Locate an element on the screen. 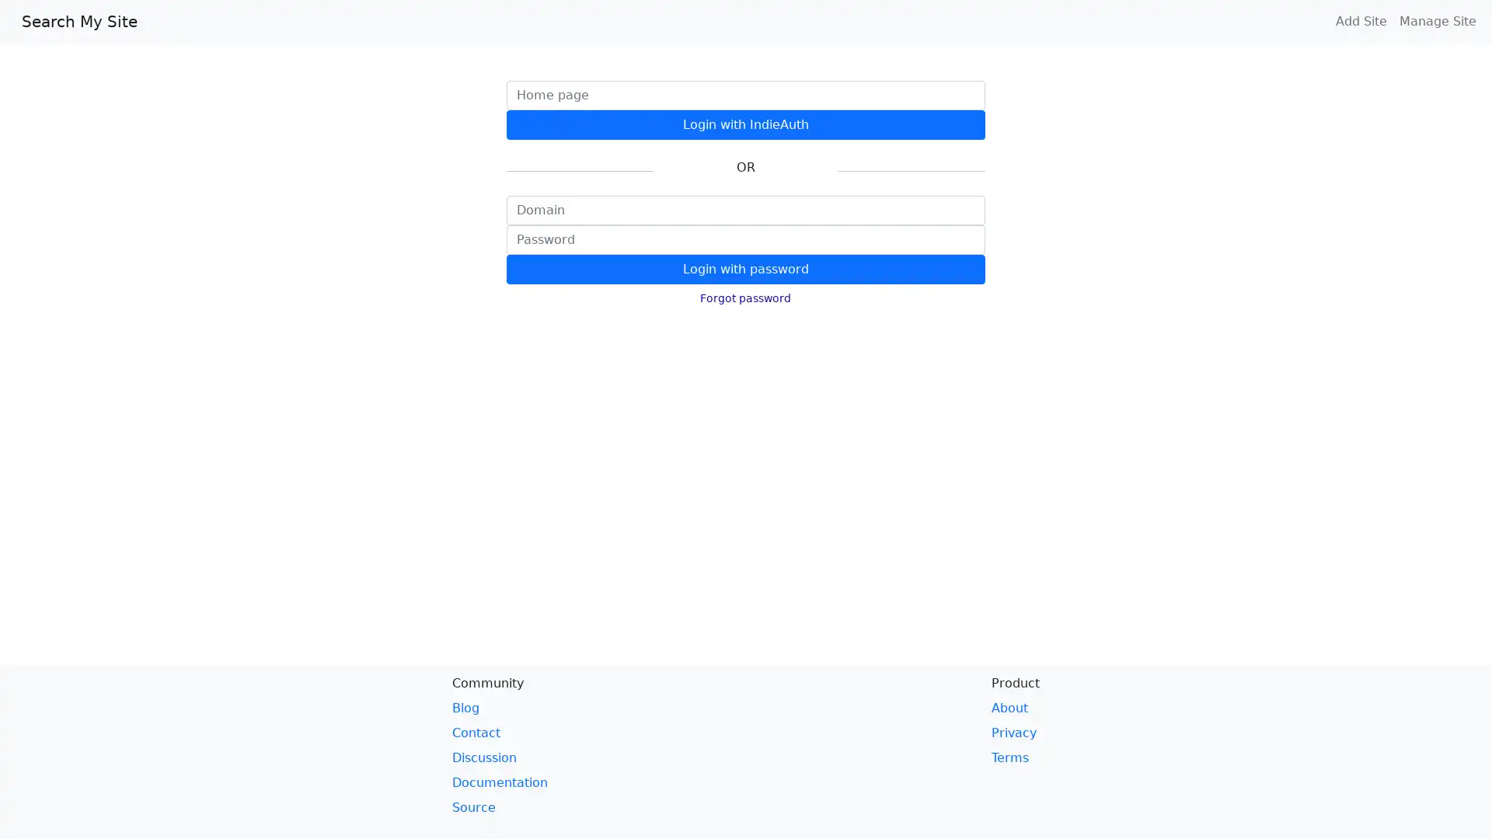 The image size is (1492, 839). Login with IndieAuth is located at coordinates (744, 124).